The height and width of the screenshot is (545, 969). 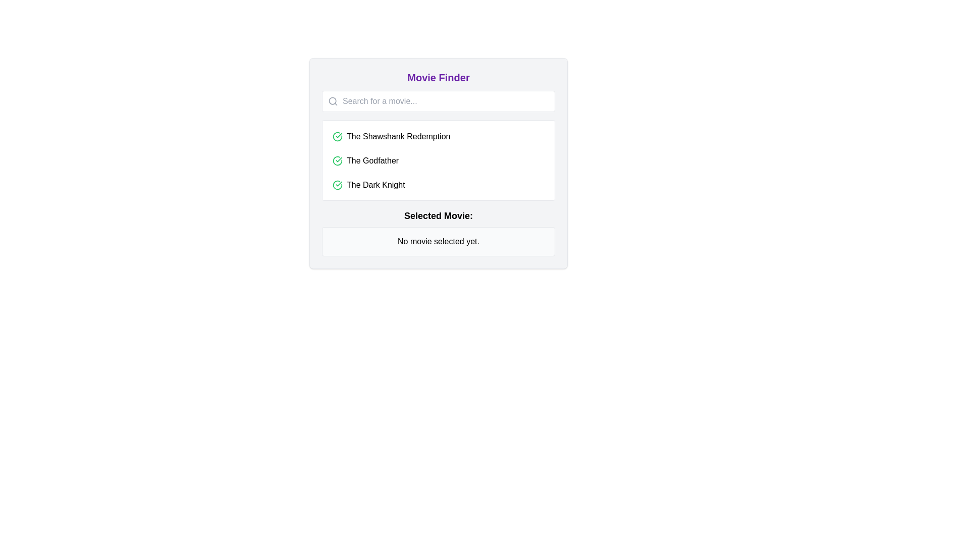 I want to click on the search icon located in the top-left corner of the search input field, which indicates the presence of search functionality, so click(x=333, y=101).